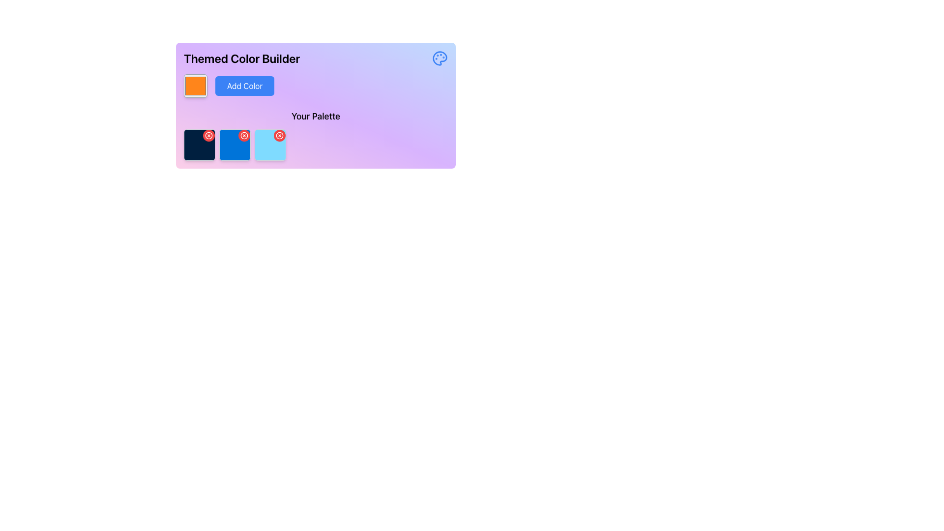  I want to click on the Interactive Color Block with a dark blue background and a red circular button with a white 'X' icon located under the 'Your Palette' text, so click(199, 145).